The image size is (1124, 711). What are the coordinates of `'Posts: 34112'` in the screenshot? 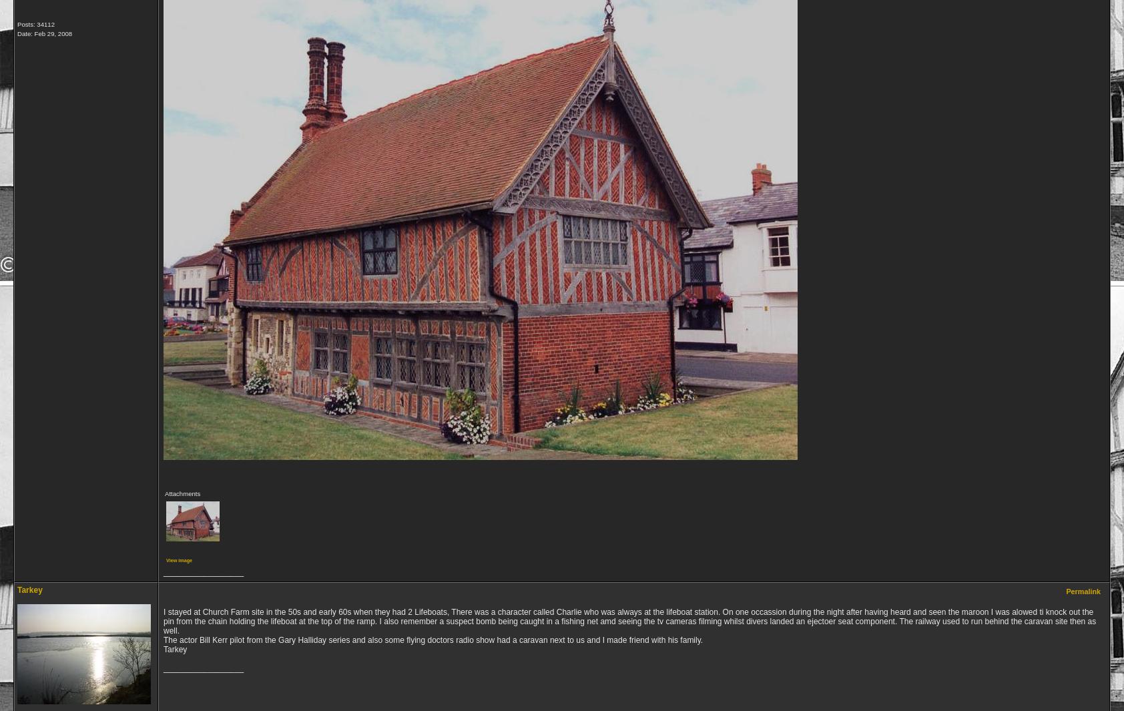 It's located at (35, 23).